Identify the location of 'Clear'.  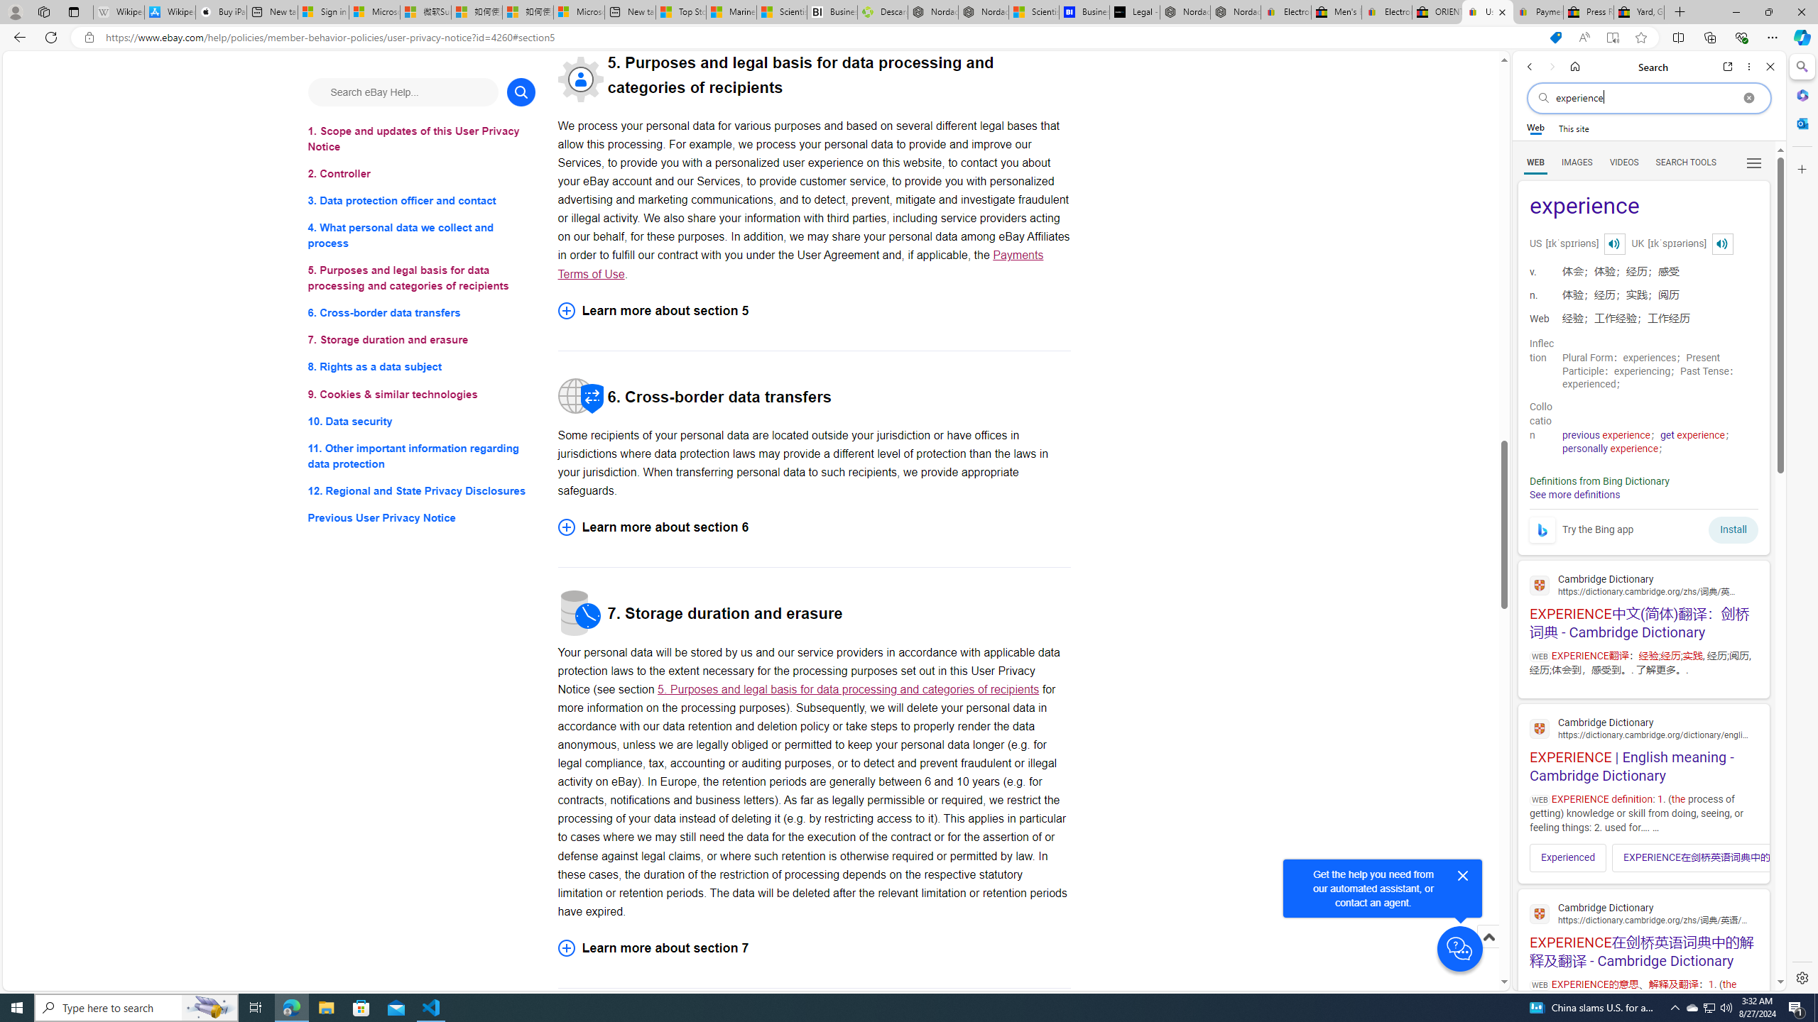
(1748, 97).